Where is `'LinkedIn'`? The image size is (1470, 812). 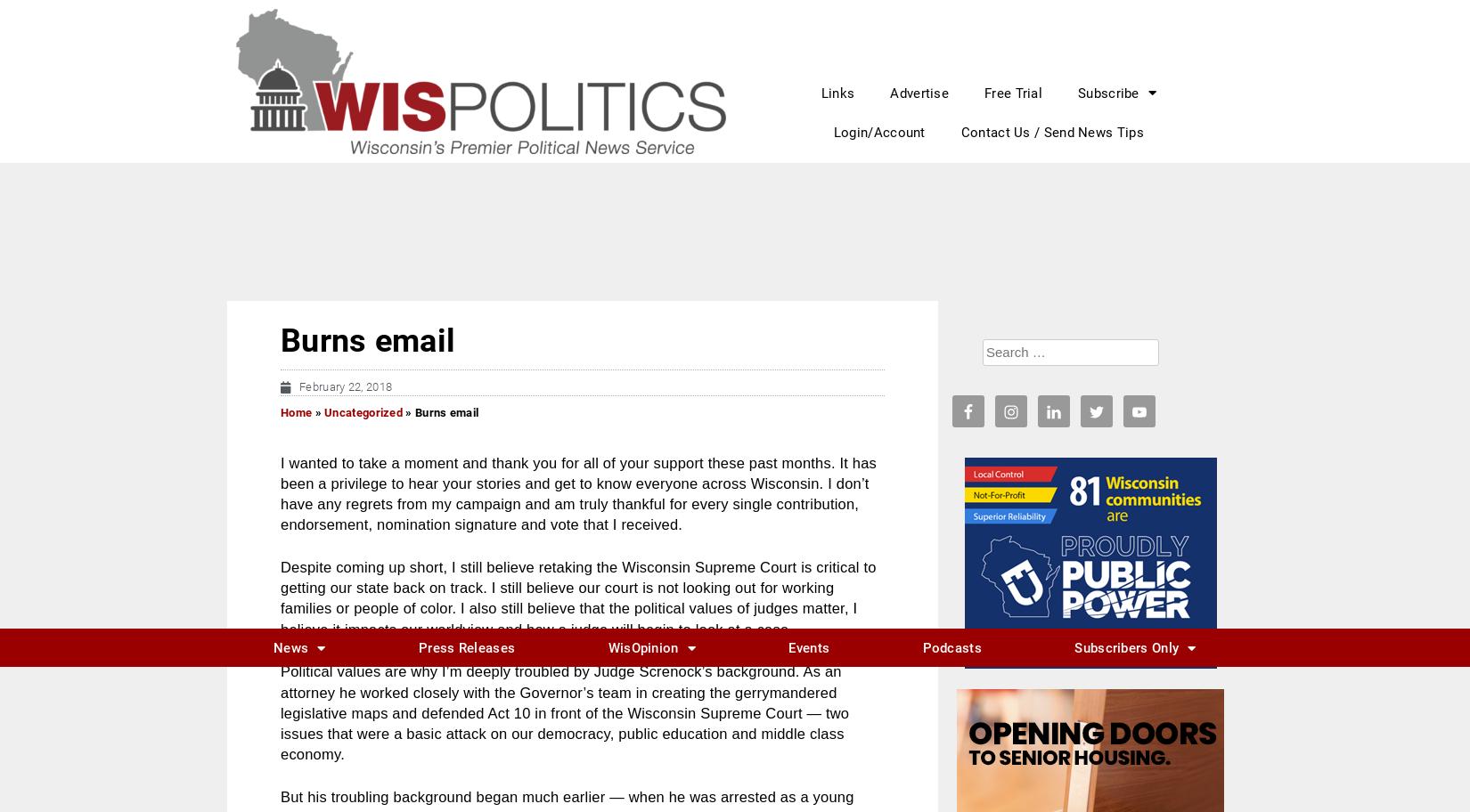 'LinkedIn' is located at coordinates (582, 515).